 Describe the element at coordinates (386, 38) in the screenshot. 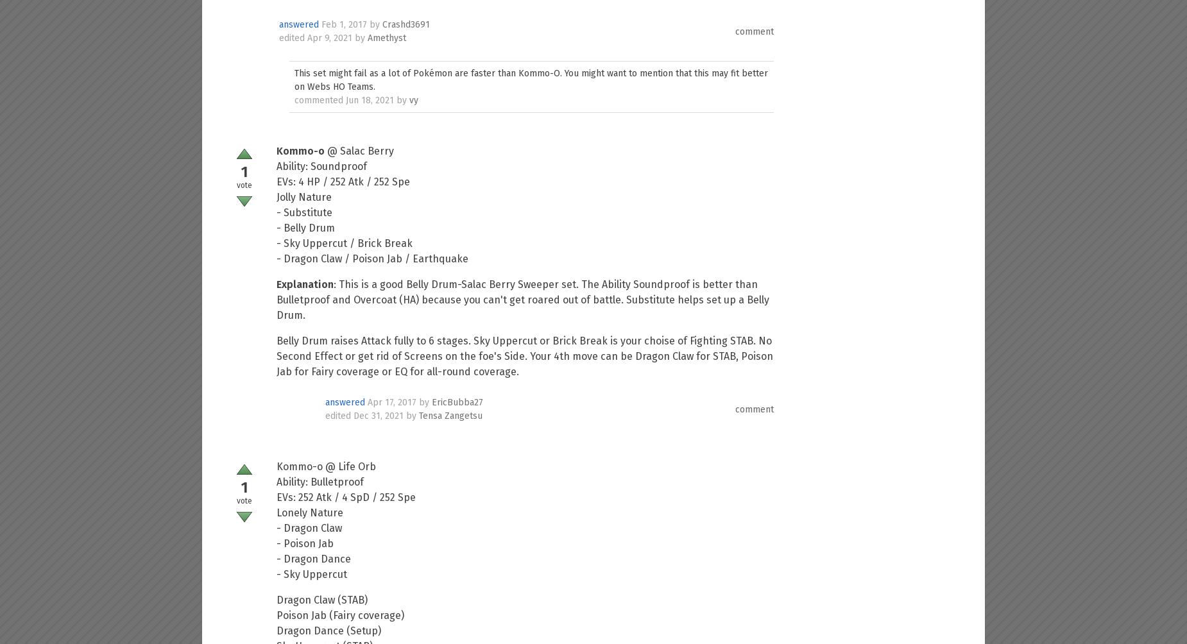

I see `'Amethyst'` at that location.